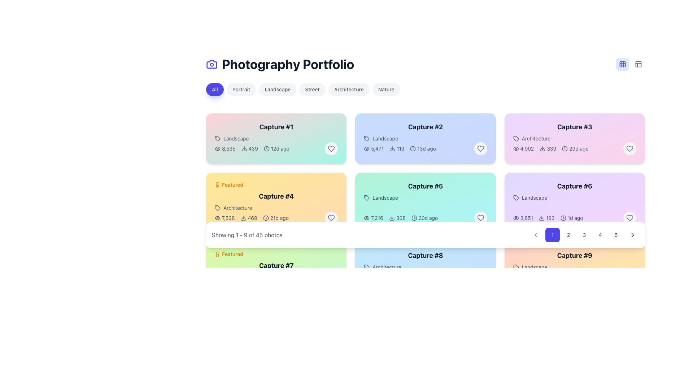 Image resolution: width=693 pixels, height=390 pixels. Describe the element at coordinates (632, 254) in the screenshot. I see `the interactive button located at the top-right of the 'Capture #9' card` at that location.